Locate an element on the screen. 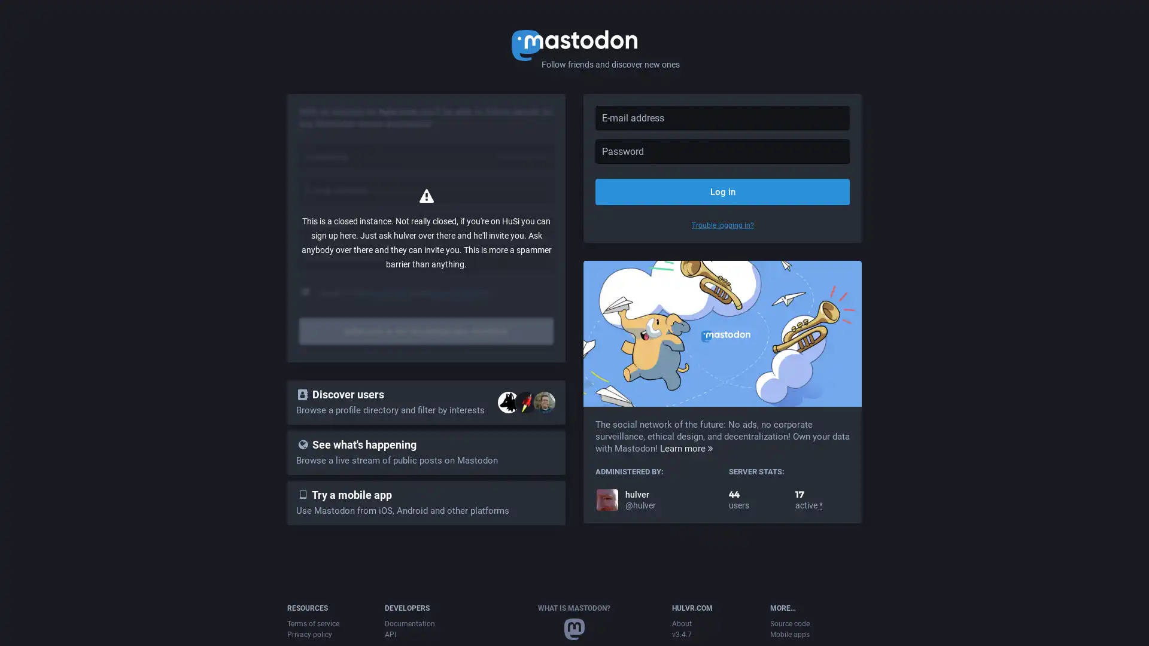 This screenshot has width=1149, height=646. hulvr.com is not accepting new members is located at coordinates (426, 331).